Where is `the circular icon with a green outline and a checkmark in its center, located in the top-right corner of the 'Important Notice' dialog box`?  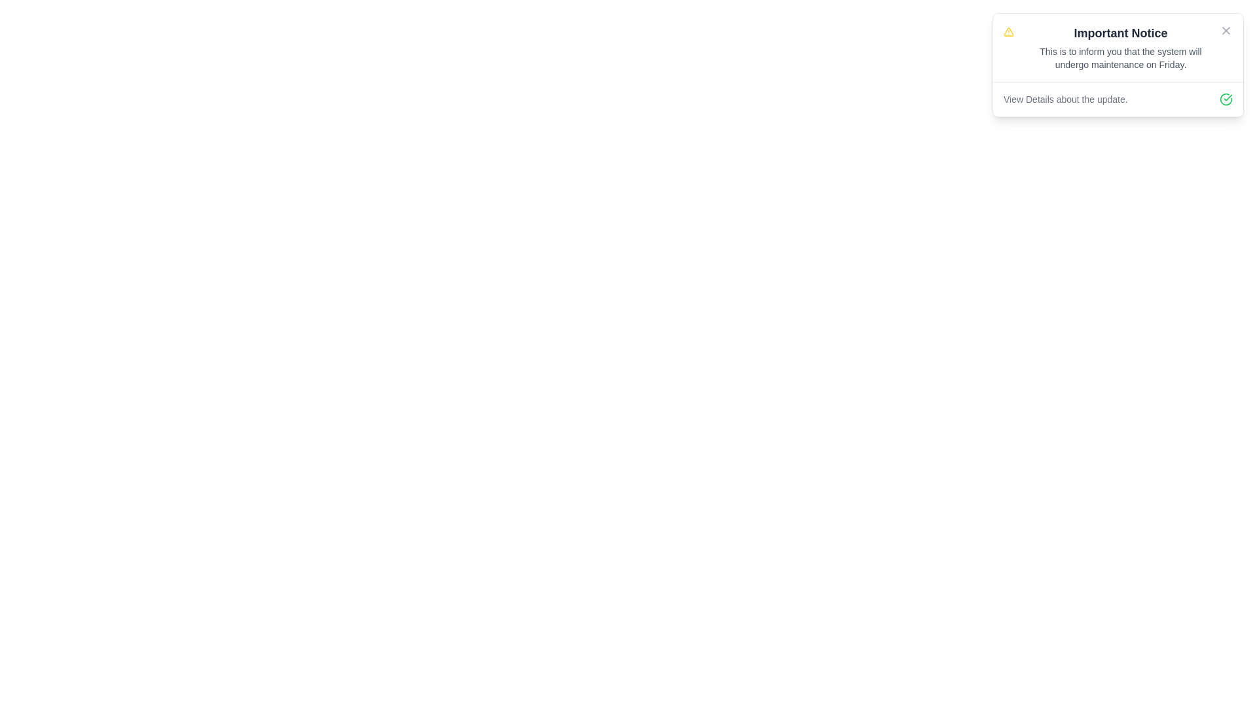 the circular icon with a green outline and a checkmark in its center, located in the top-right corner of the 'Important Notice' dialog box is located at coordinates (1225, 98).